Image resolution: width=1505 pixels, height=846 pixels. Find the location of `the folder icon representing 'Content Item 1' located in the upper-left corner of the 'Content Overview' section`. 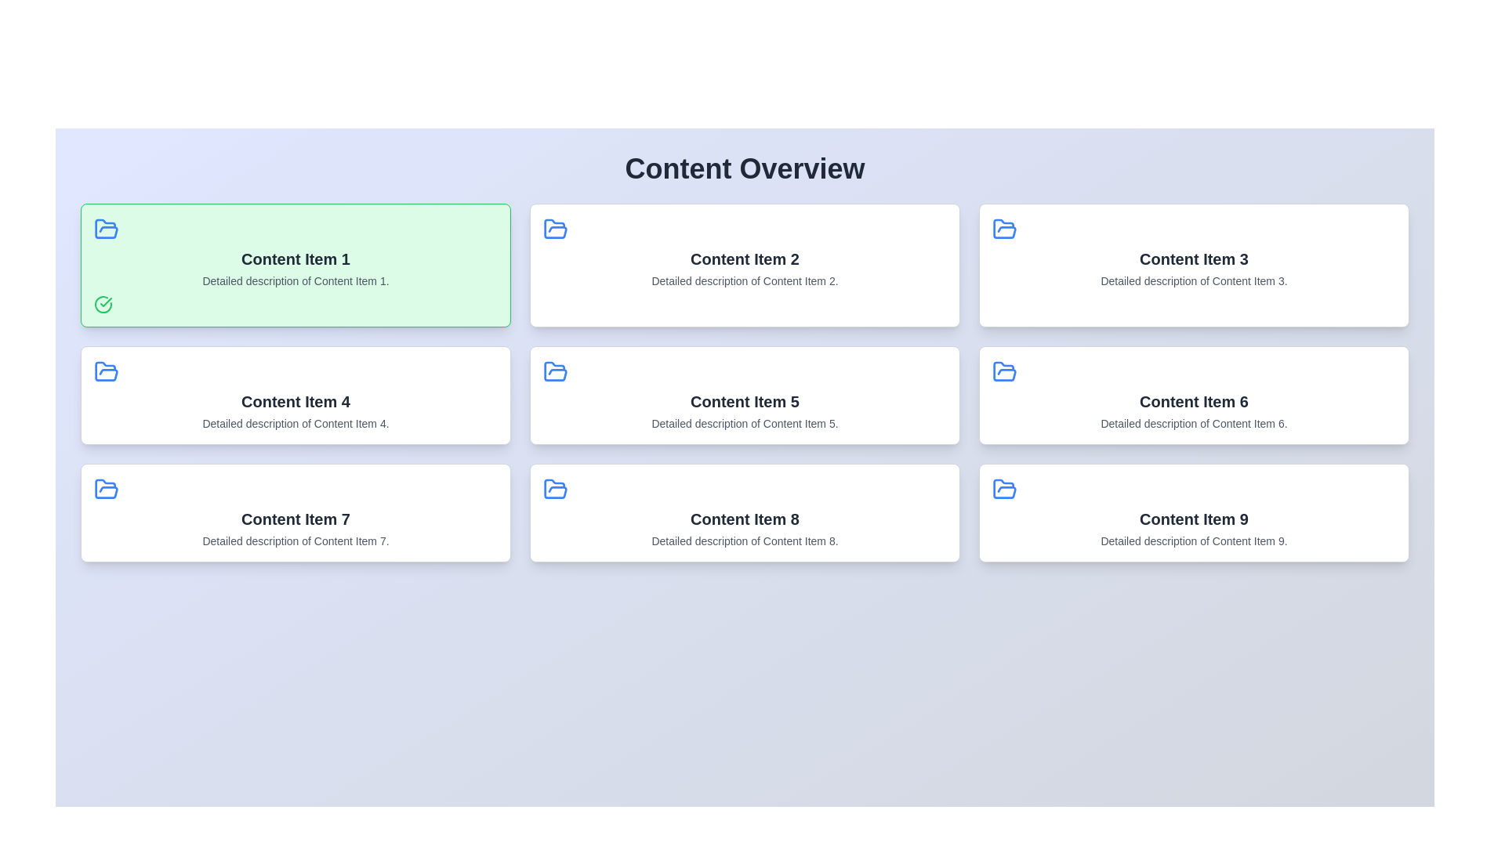

the folder icon representing 'Content Item 1' located in the upper-left corner of the 'Content Overview' section is located at coordinates (105, 229).